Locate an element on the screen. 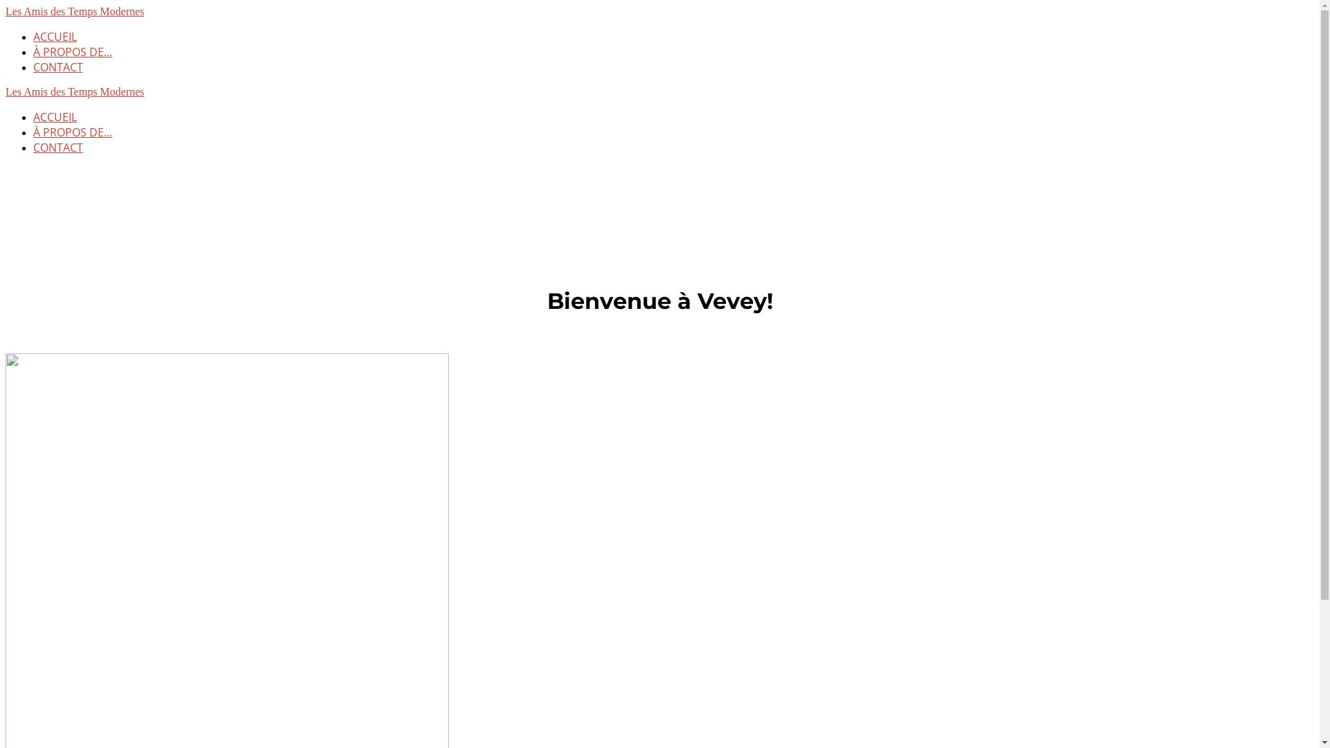  'CONTACT' is located at coordinates (33, 66).